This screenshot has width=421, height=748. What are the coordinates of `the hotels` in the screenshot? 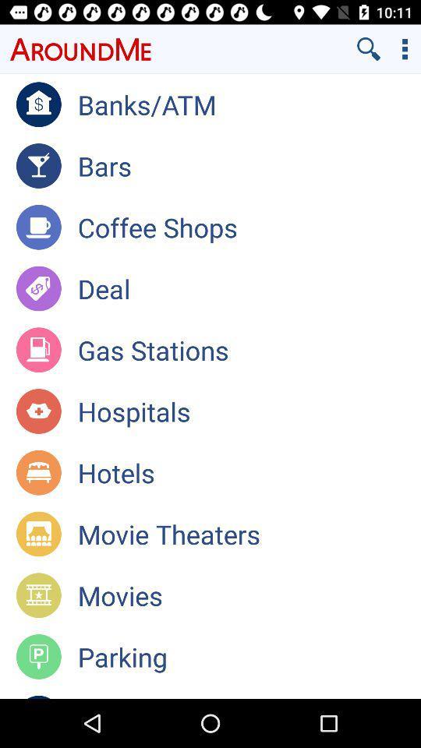 It's located at (249, 471).